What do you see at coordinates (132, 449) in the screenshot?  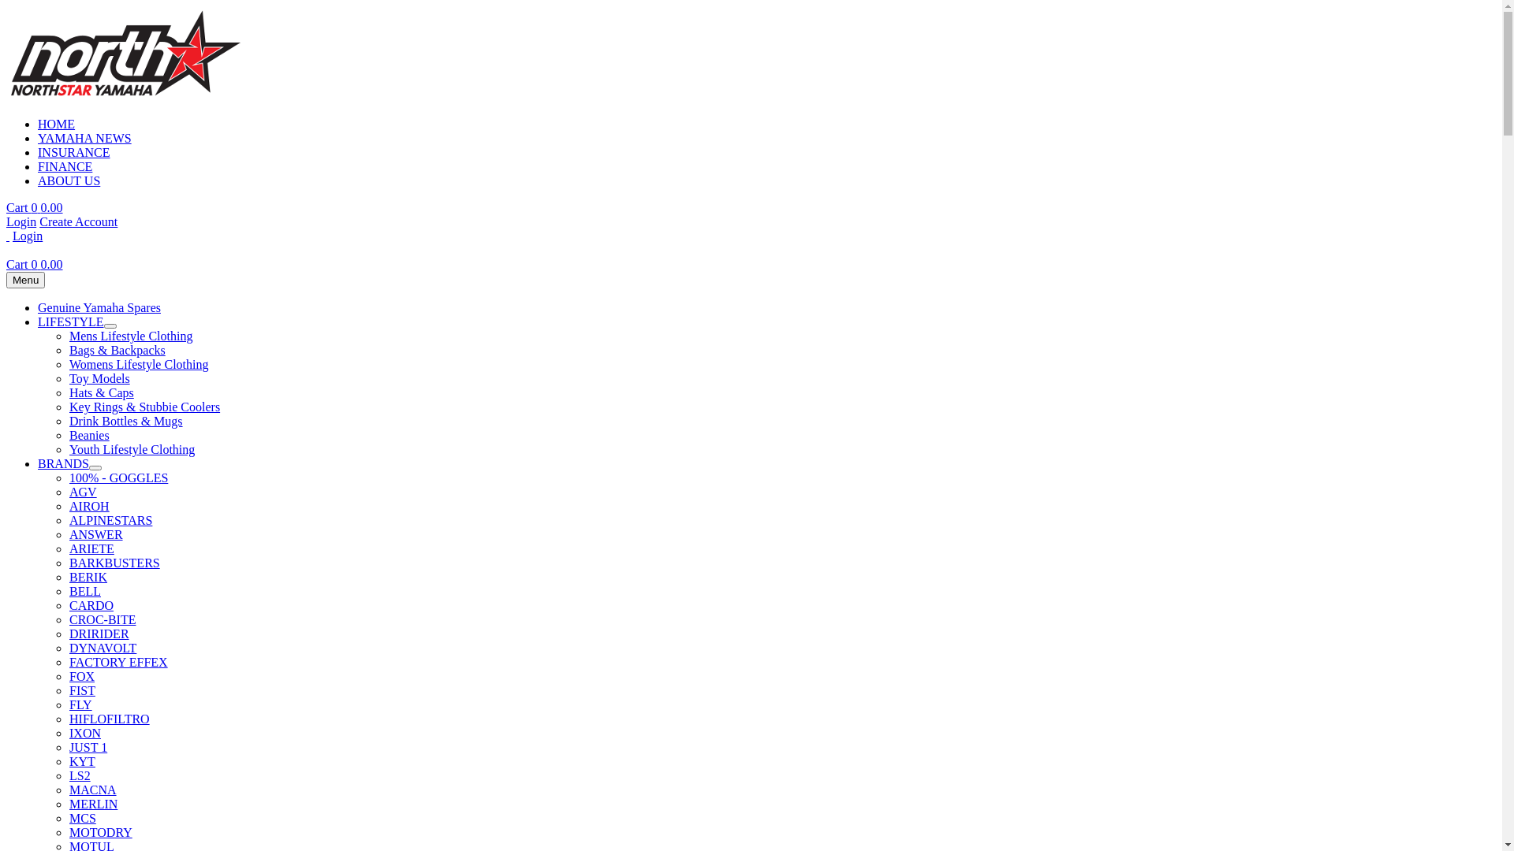 I see `'Youth Lifestyle Clothing'` at bounding box center [132, 449].